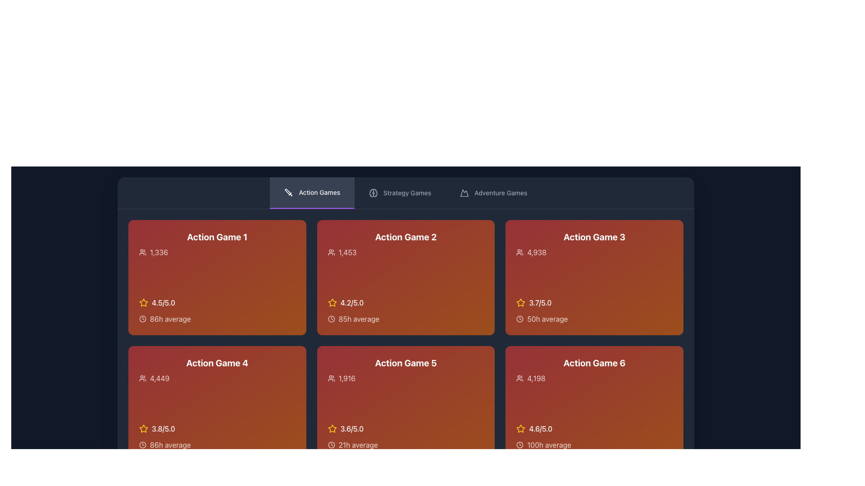 The height and width of the screenshot is (486, 865). Describe the element at coordinates (332, 428) in the screenshot. I see `the star icon representing the rating component, which is outlined in yellow and positioned in the 'Action Game 5' card, adjacent to the rating text '3.6/5.0'` at that location.